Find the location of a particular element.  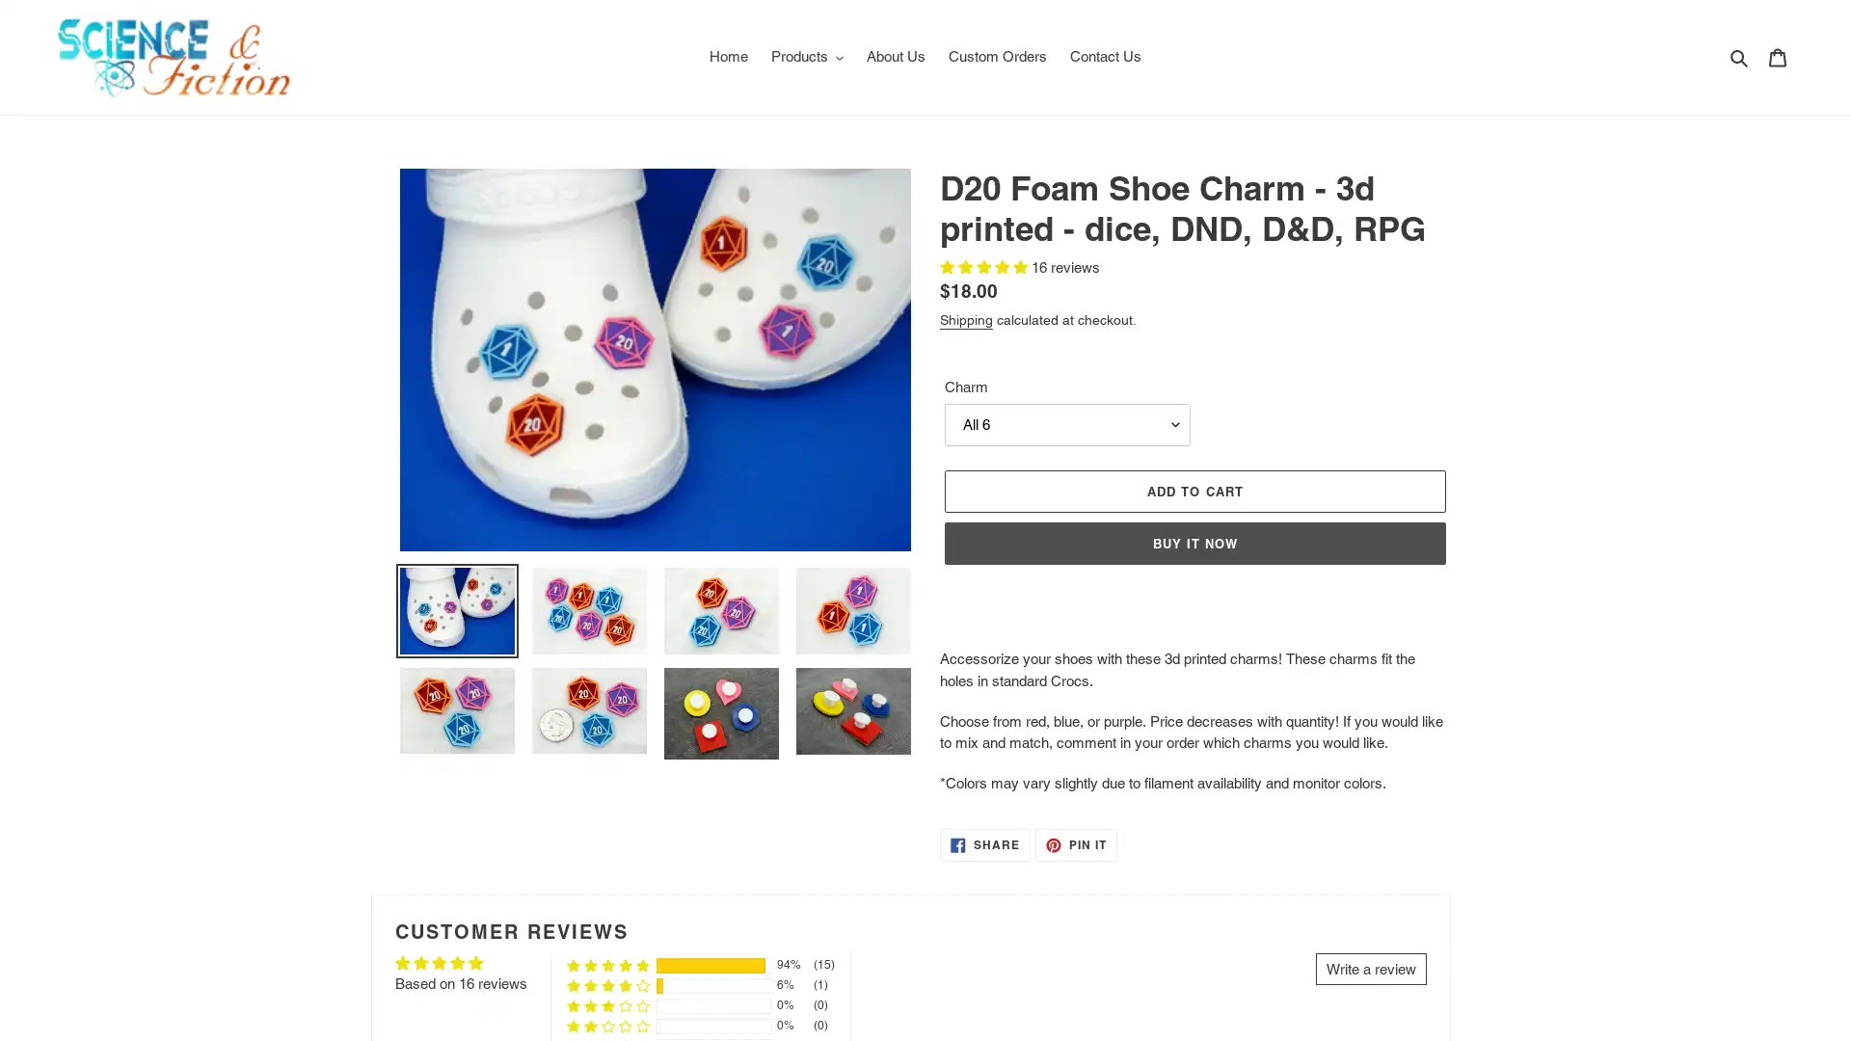

Products is located at coordinates (806, 55).